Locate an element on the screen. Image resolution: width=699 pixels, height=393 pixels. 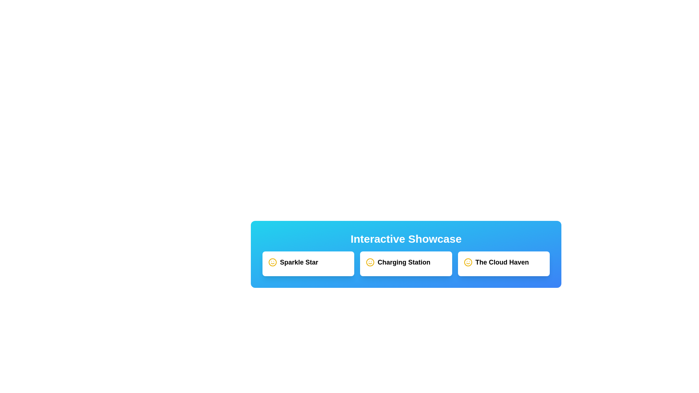
the smiley face icon inside the button labeled 'Sparkle Star', which is positioned at the left-most side of the button group is located at coordinates (272, 262).